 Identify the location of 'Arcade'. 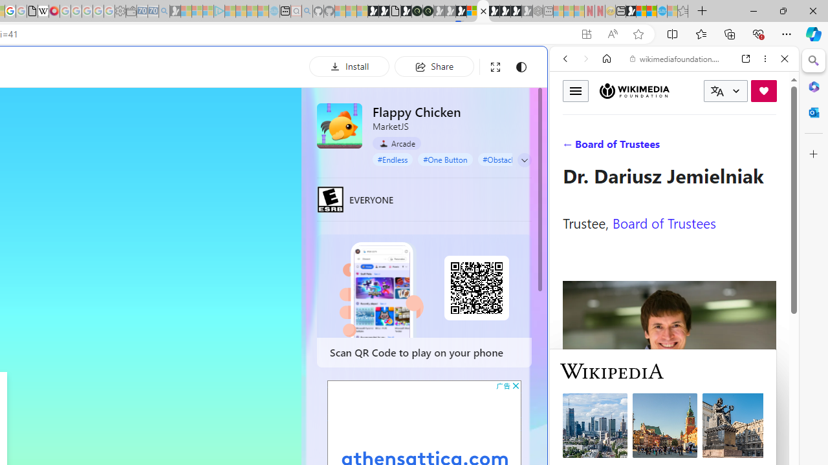
(396, 143).